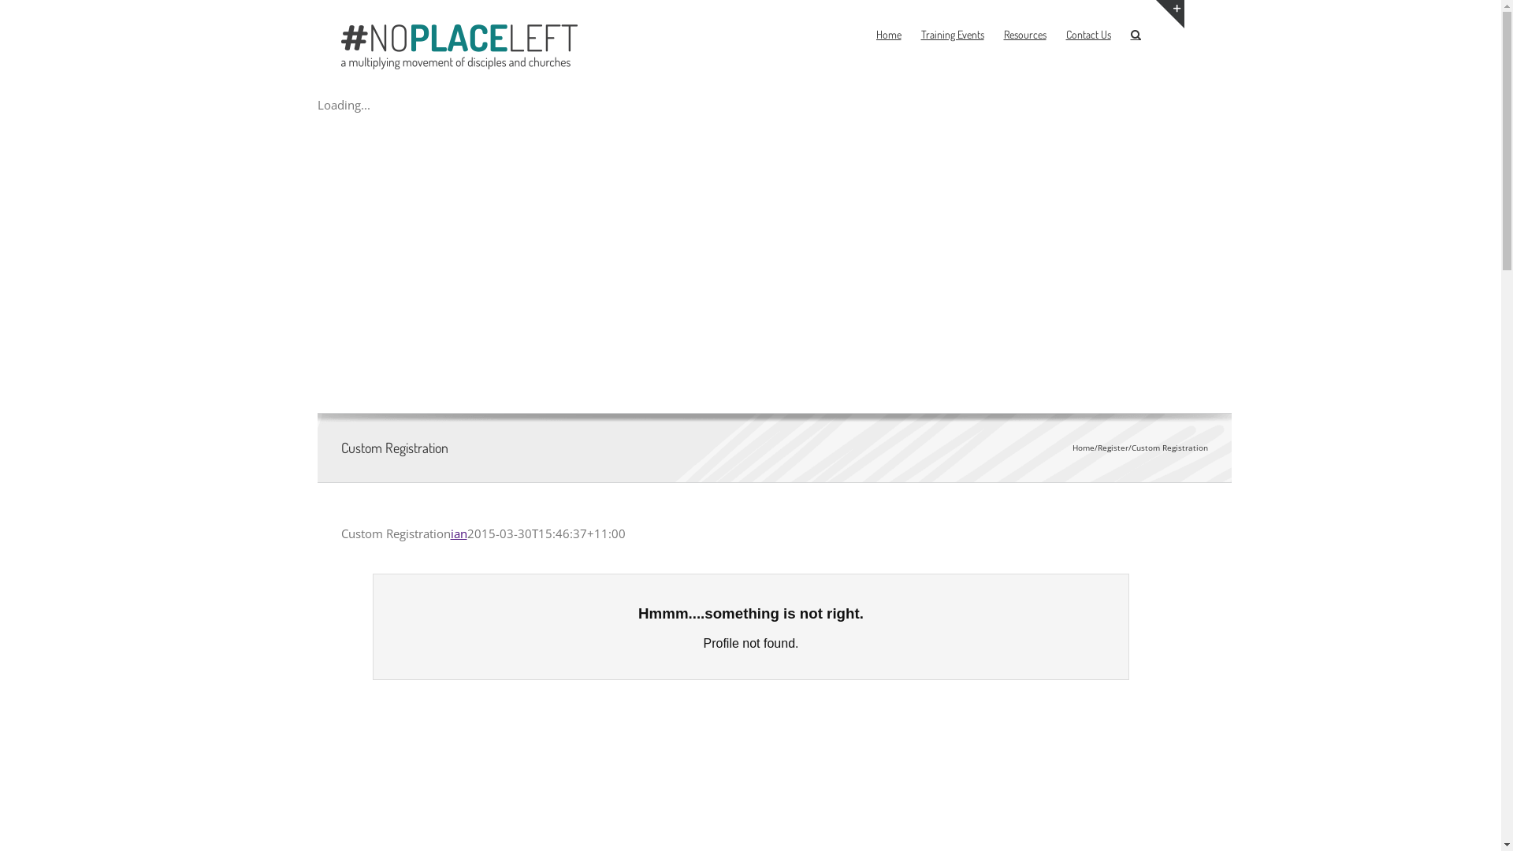  Describe the element at coordinates (1135, 33) in the screenshot. I see `'Search'` at that location.